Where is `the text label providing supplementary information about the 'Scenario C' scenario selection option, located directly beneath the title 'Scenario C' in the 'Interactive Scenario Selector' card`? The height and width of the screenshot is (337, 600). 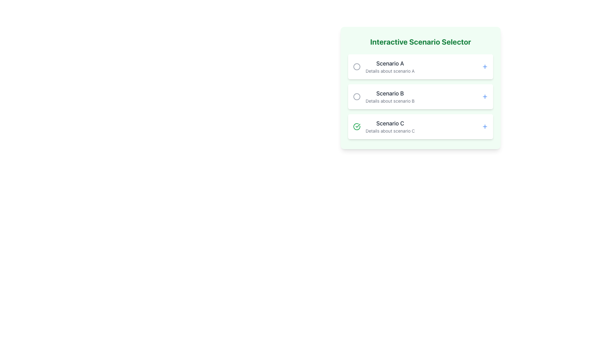 the text label providing supplementary information about the 'Scenario C' scenario selection option, located directly beneath the title 'Scenario C' in the 'Interactive Scenario Selector' card is located at coordinates (390, 131).